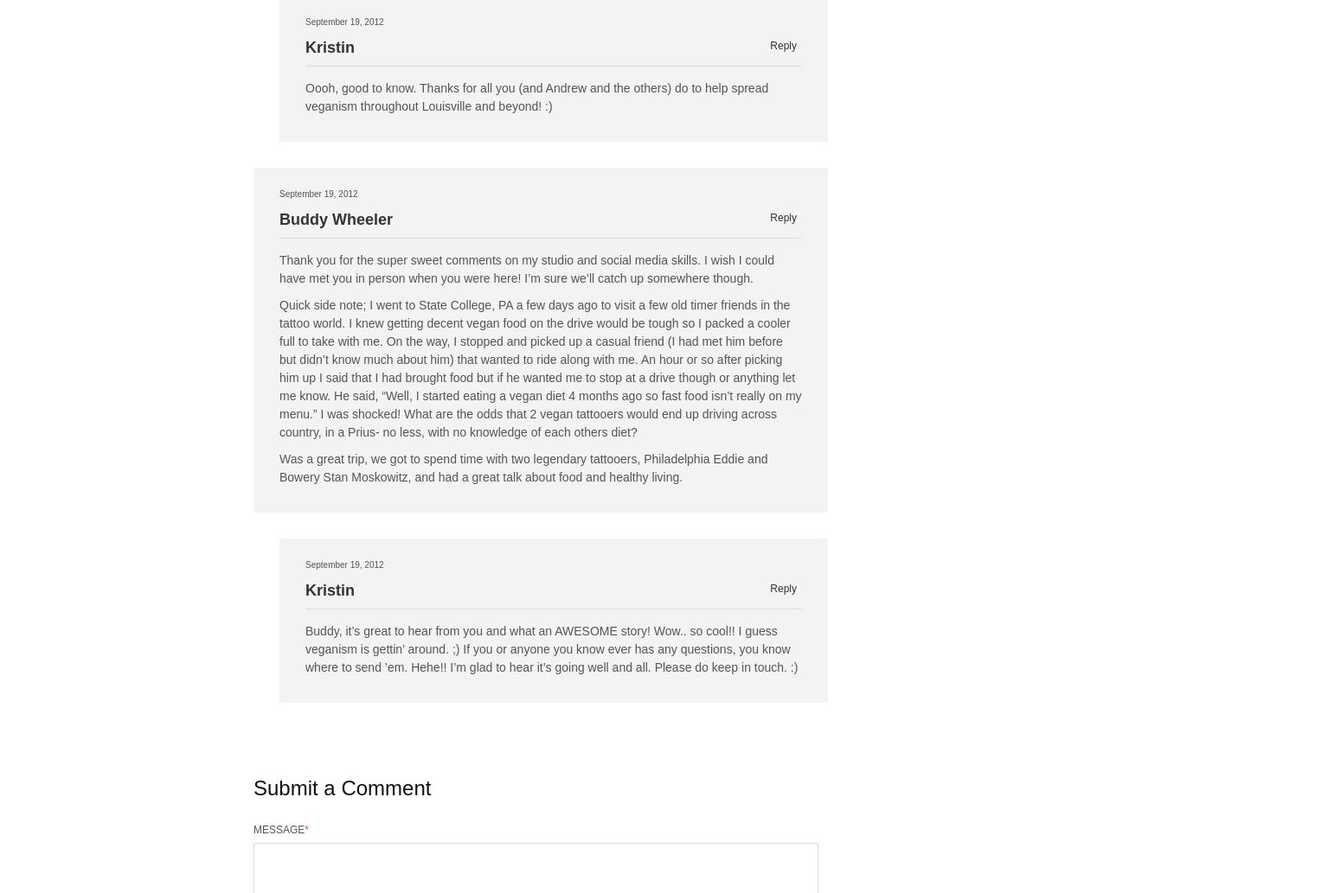 The image size is (1341, 893). What do you see at coordinates (550, 648) in the screenshot?
I see `'Buddy, it’s great to hear from you and what an AWESOME story! Wow.. so cool!! I guess veganism is gettin’ around. ;) If you or anyone you know ever has any questions, you know where to send ’em. Hehe!! I’m glad to hear it’s going well and all. Please do keep in touch. :)'` at bounding box center [550, 648].